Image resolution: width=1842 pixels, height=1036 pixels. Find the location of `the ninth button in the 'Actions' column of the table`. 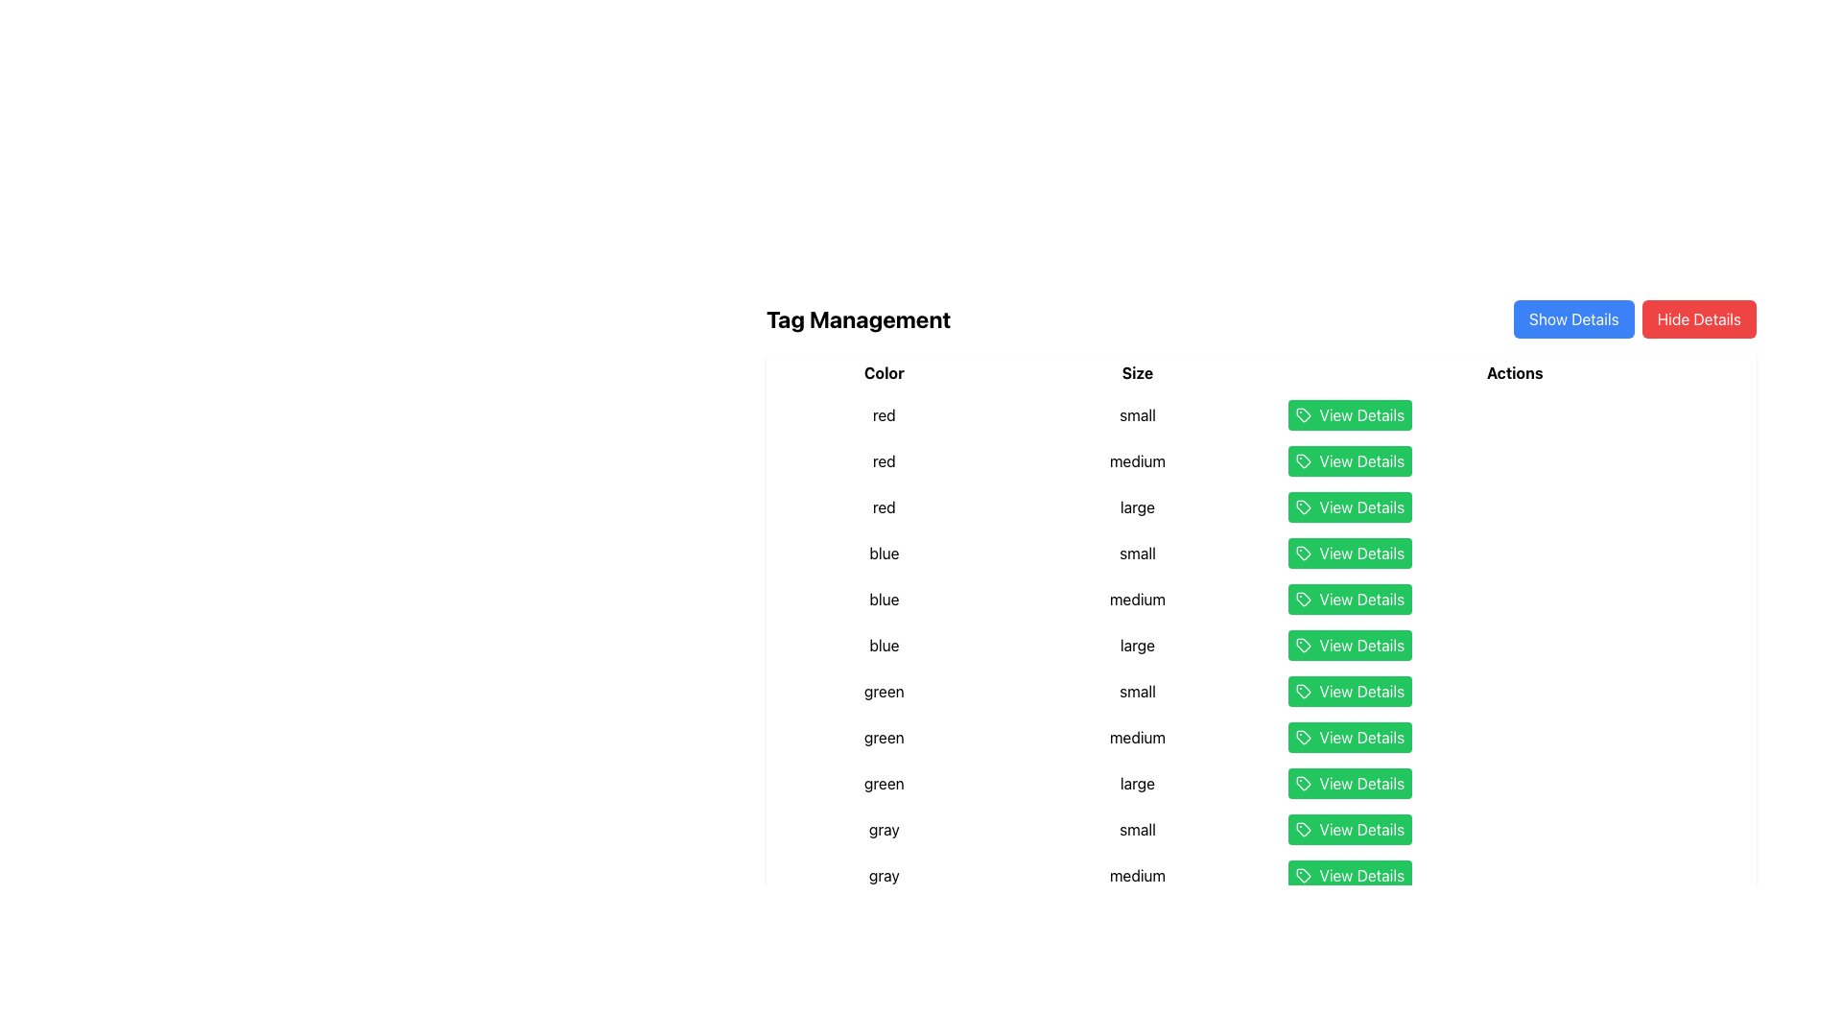

the ninth button in the 'Actions' column of the table is located at coordinates (1349, 828).